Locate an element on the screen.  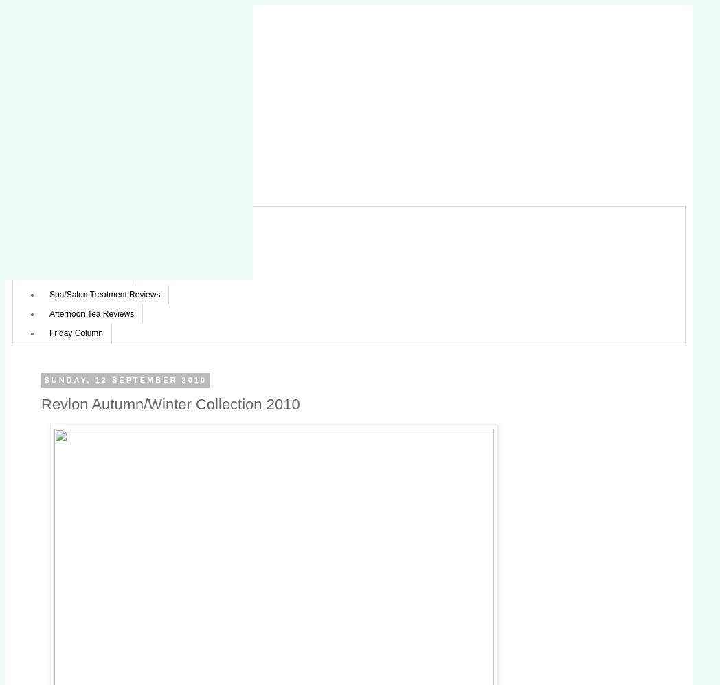
'Revlon Autumn/Winter Collection 2010' is located at coordinates (41, 404).